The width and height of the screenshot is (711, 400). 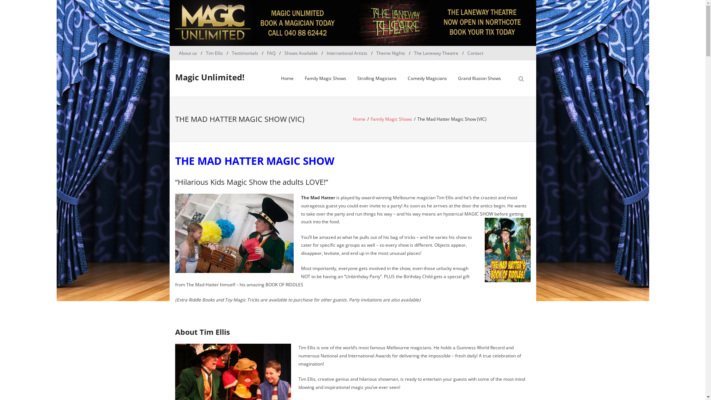 I want to click on 'Strolling Magicians', so click(x=377, y=79).